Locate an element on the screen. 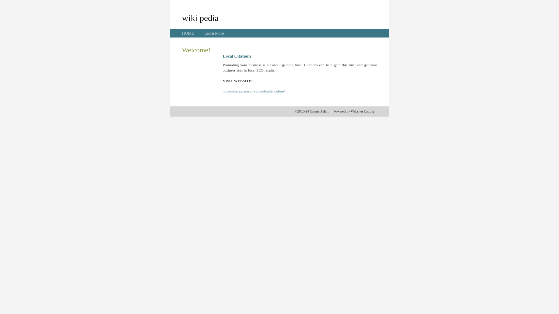 The height and width of the screenshot is (314, 559). 'wiki pedia' is located at coordinates (200, 17).